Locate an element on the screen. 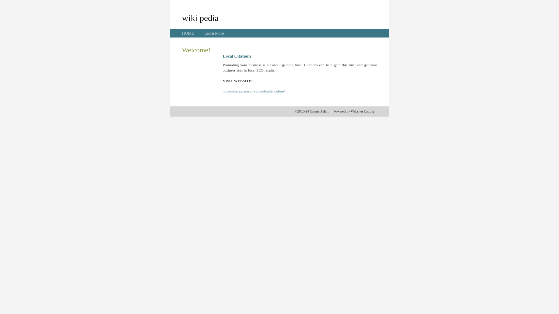 The height and width of the screenshot is (314, 559). 'wiki pedia' is located at coordinates (200, 17).